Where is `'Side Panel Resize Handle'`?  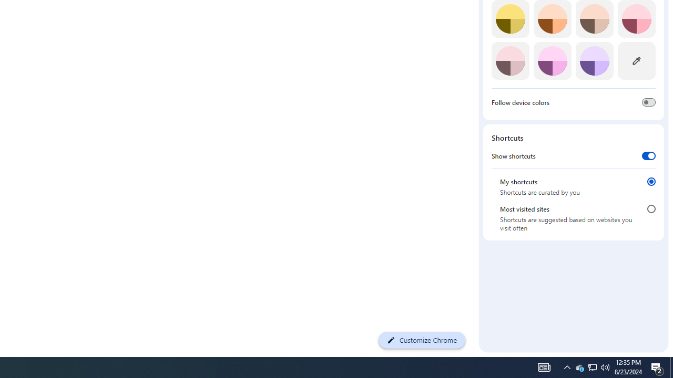
'Side Panel Resize Handle' is located at coordinates (475, 20).